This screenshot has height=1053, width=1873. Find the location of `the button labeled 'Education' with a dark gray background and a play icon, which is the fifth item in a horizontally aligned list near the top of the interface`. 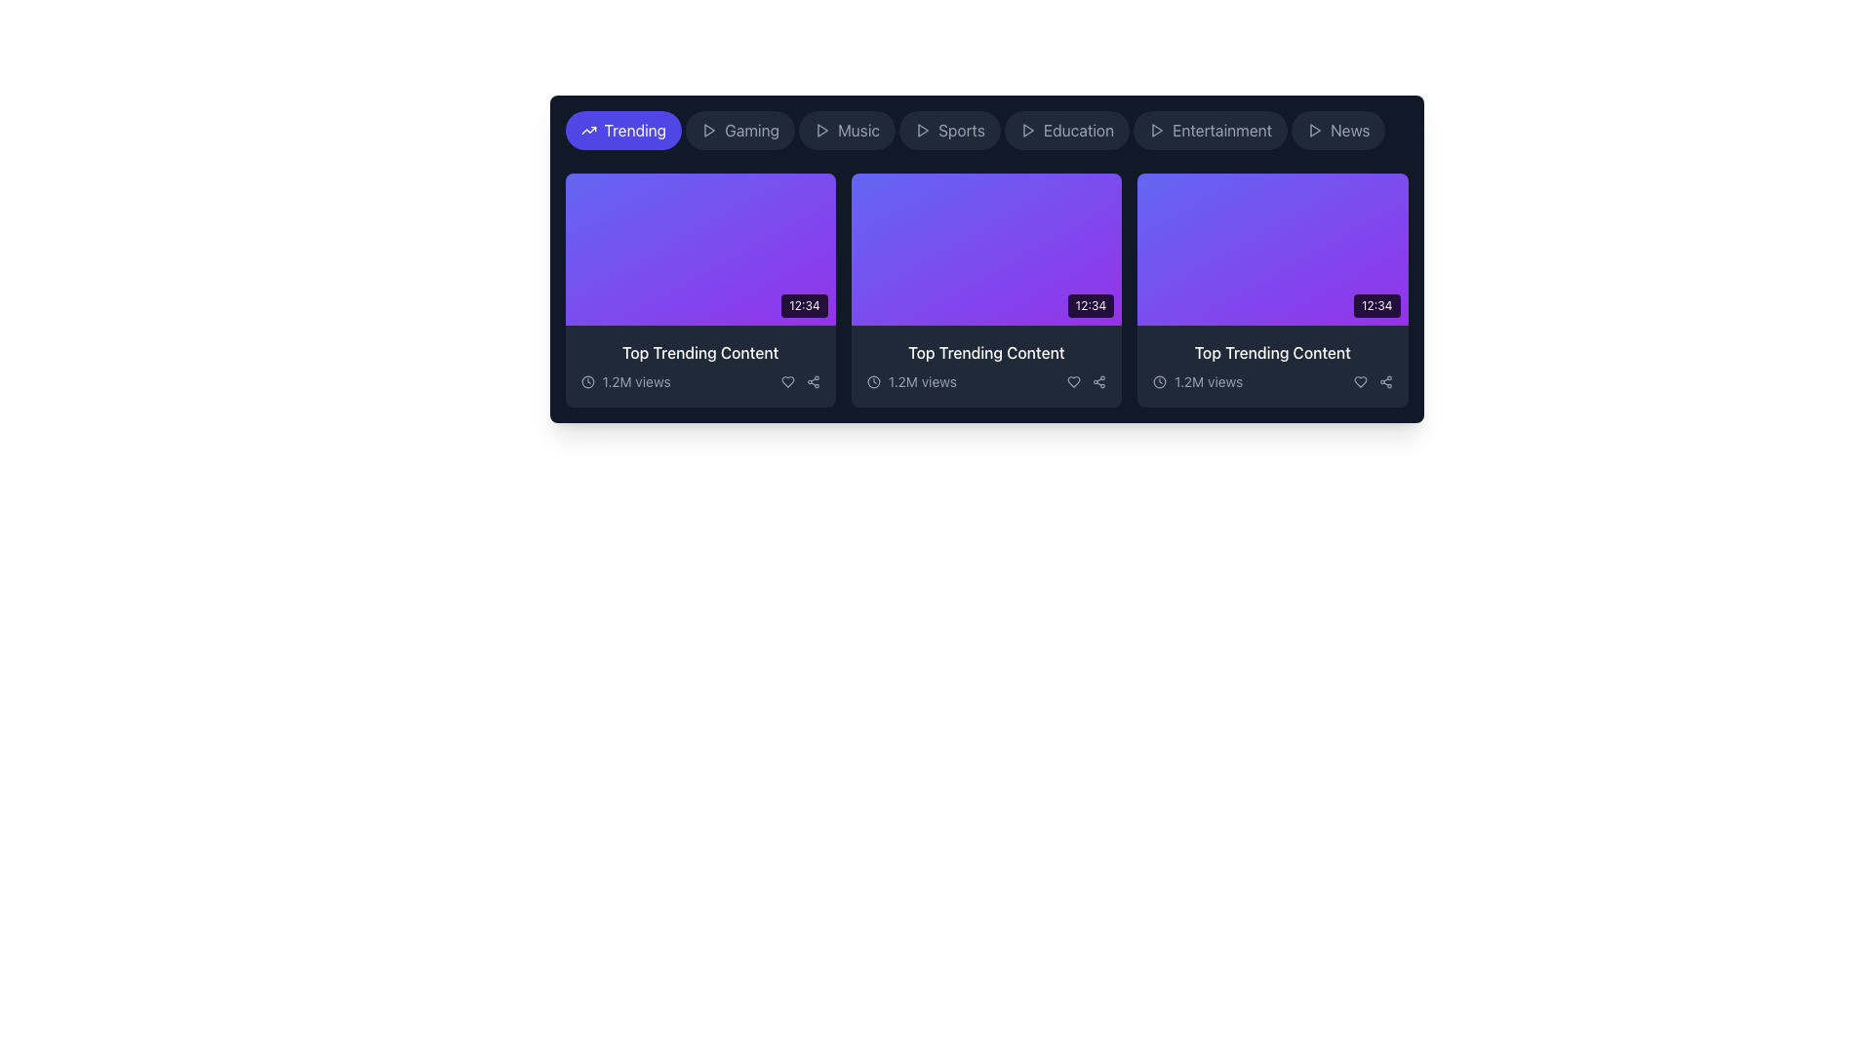

the button labeled 'Education' with a dark gray background and a play icon, which is the fifth item in a horizontally aligned list near the top of the interface is located at coordinates (1066, 131).